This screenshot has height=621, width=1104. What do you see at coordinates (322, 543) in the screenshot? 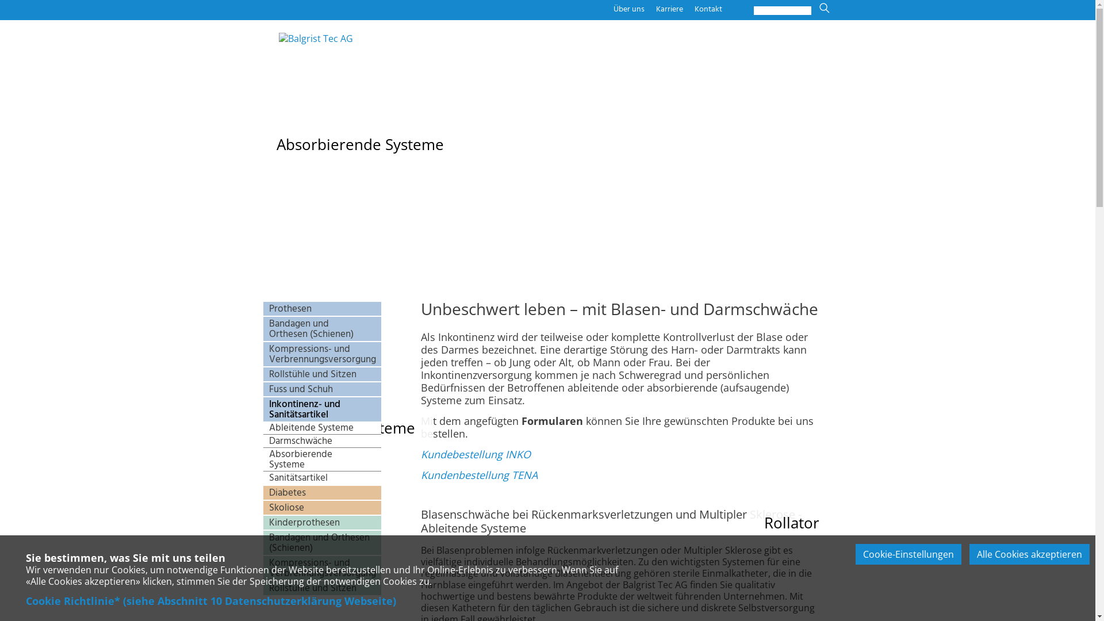
I see `'Bandagen und Orthesen (Schienen)'` at bounding box center [322, 543].